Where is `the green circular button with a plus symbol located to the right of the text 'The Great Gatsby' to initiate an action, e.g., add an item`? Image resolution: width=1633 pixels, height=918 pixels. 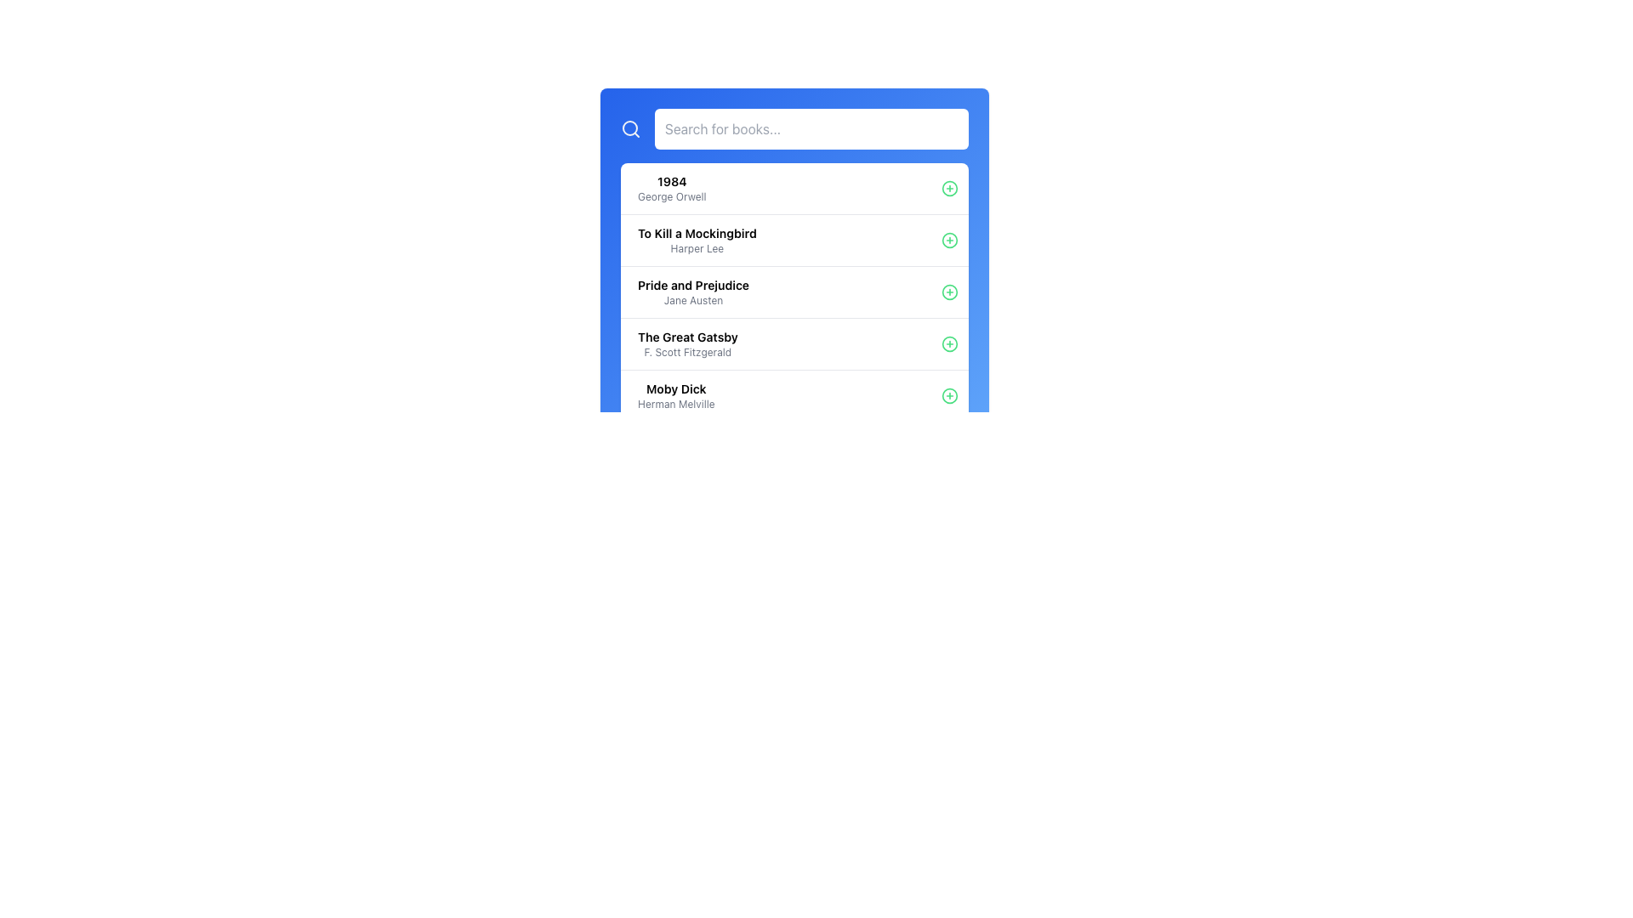
the green circular button with a plus symbol located to the right of the text 'The Great Gatsby' to initiate an action, e.g., add an item is located at coordinates (949, 344).